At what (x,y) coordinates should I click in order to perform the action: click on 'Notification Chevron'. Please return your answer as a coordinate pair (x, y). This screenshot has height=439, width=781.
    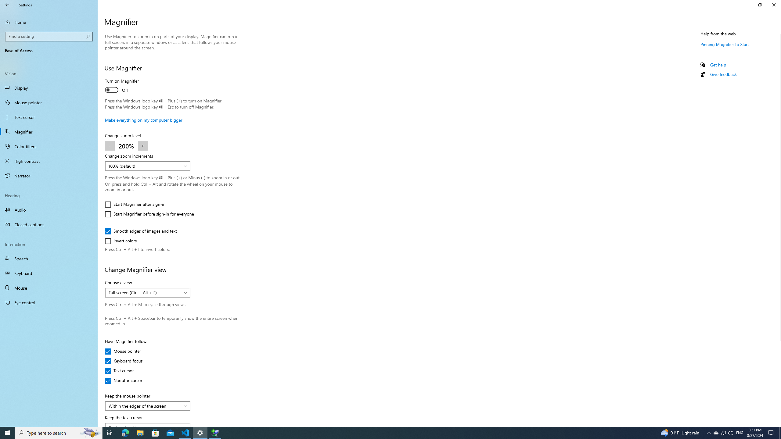
    Looking at the image, I should click on (709, 432).